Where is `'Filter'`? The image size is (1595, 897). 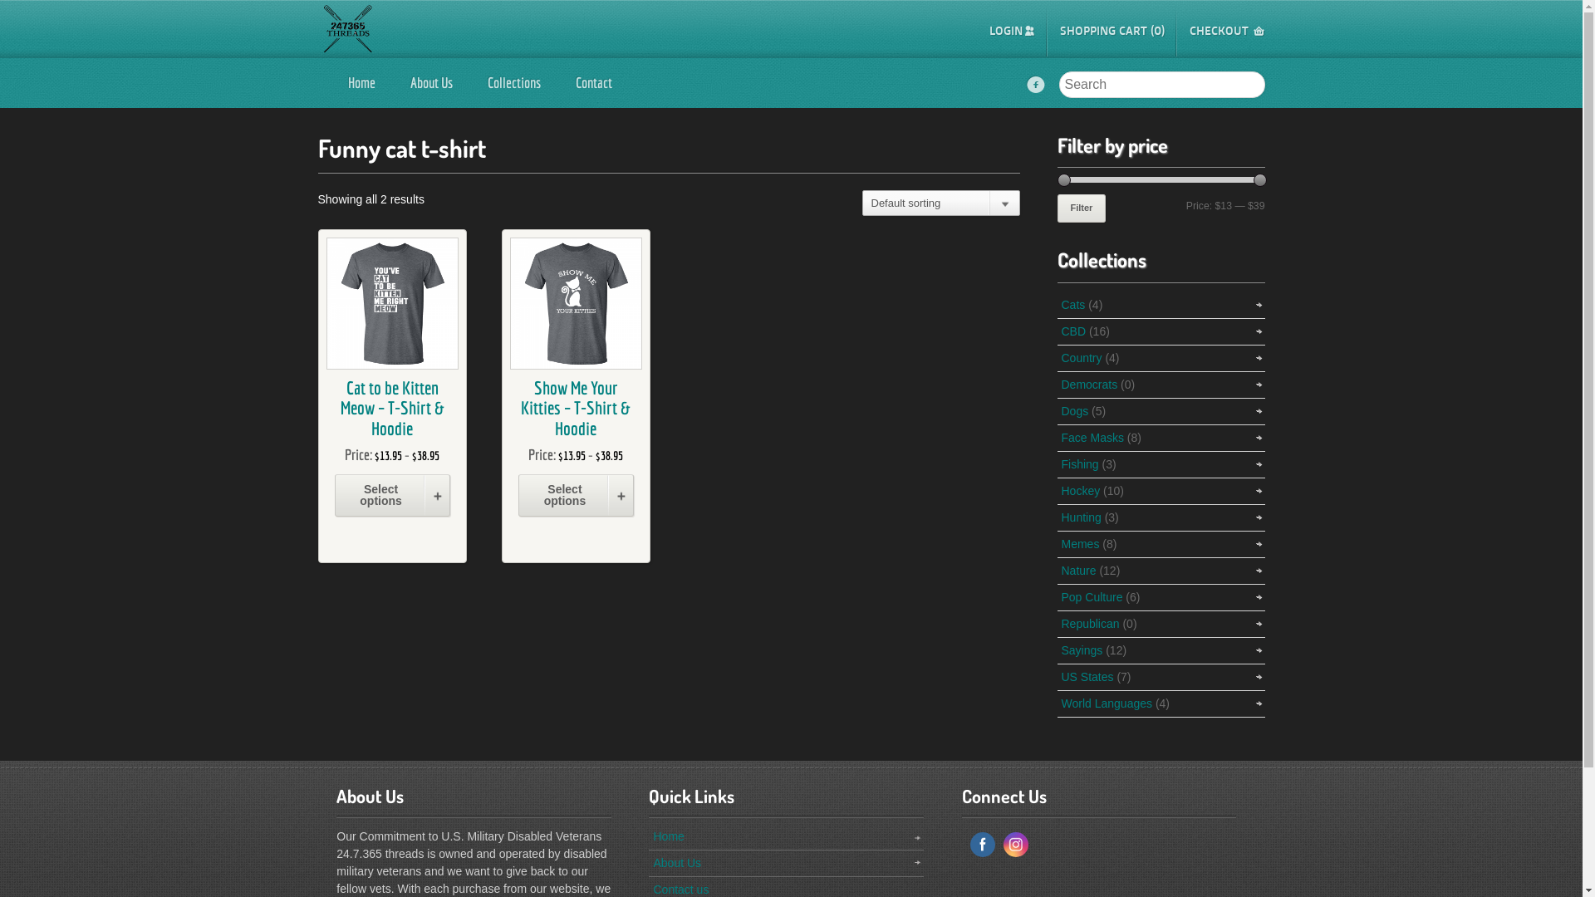 'Filter' is located at coordinates (1081, 207).